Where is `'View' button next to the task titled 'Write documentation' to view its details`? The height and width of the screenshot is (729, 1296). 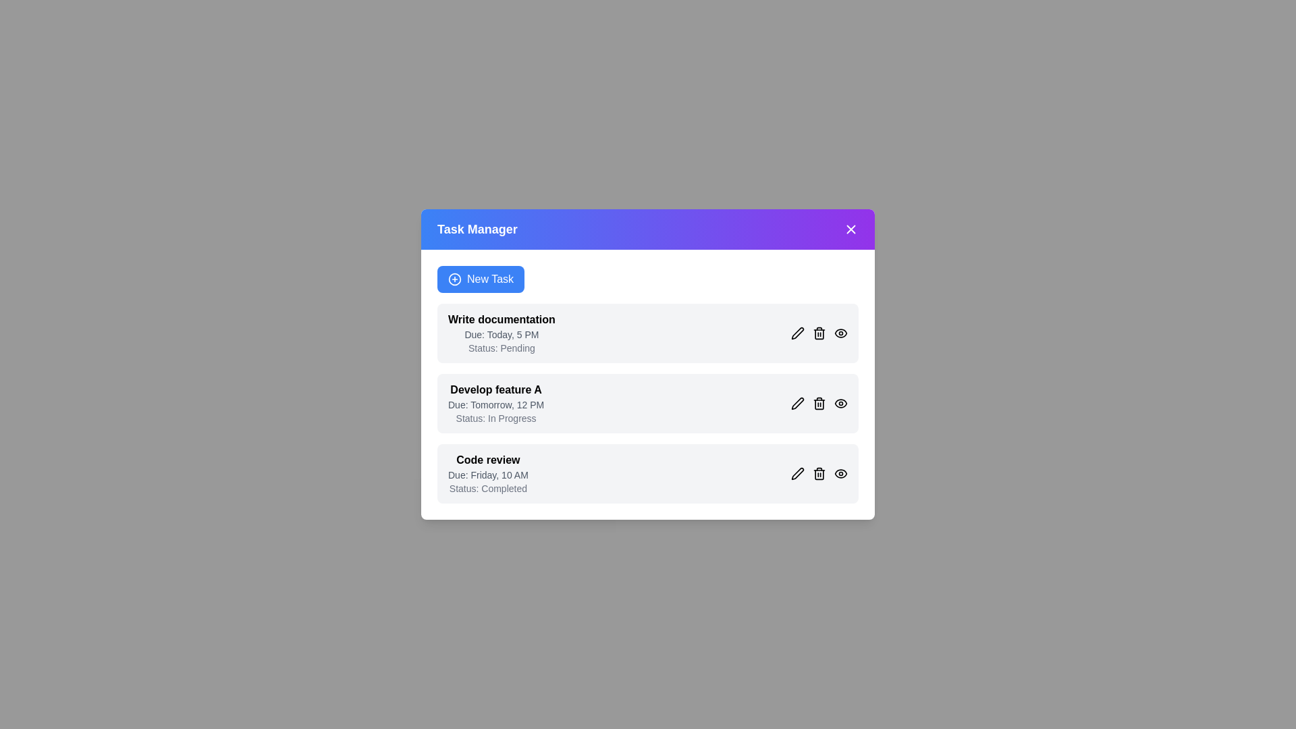 'View' button next to the task titled 'Write documentation' to view its details is located at coordinates (840, 333).